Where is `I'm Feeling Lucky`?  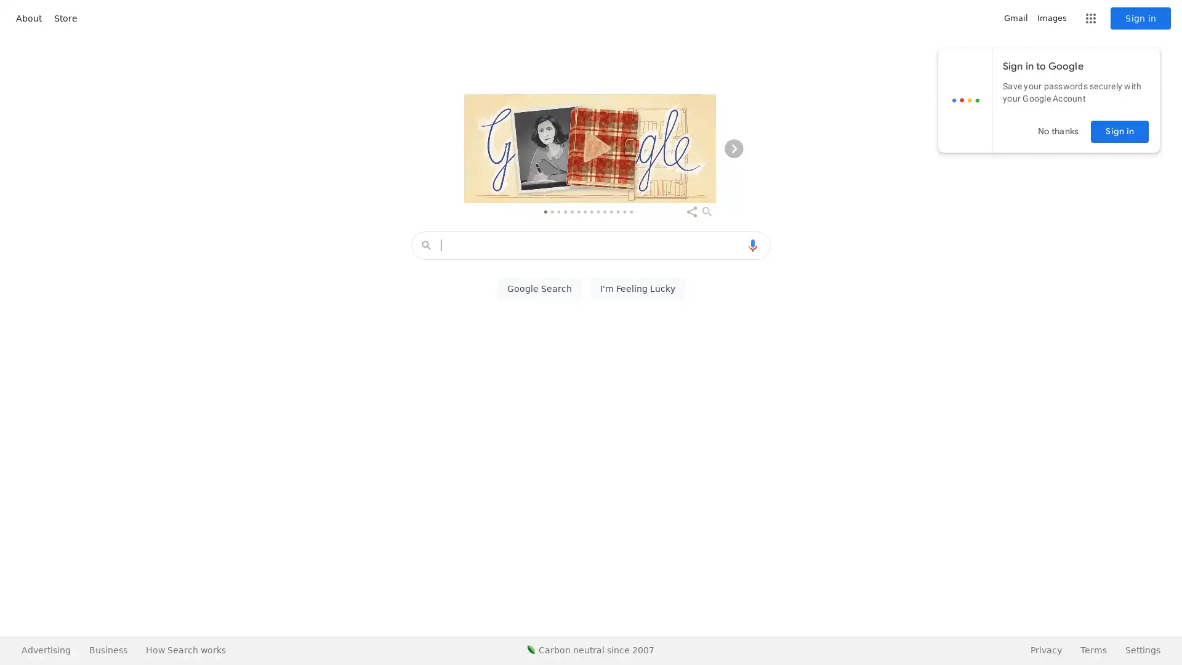 I'm Feeling Lucky is located at coordinates (637, 289).